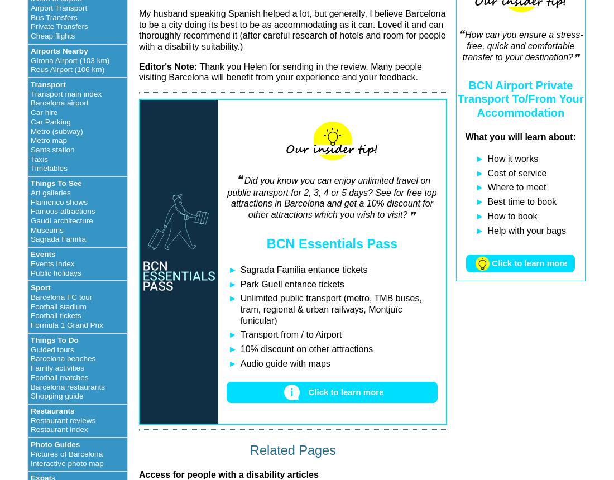  I want to click on 'Football matches', so click(59, 377).